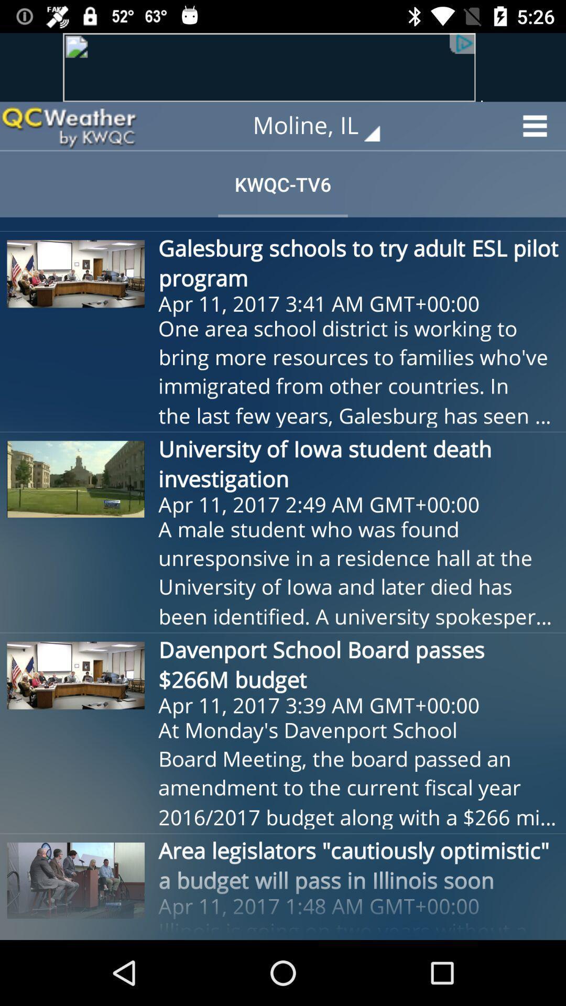 This screenshot has width=566, height=1006. Describe the element at coordinates (69, 126) in the screenshot. I see `icon next to moline, il icon` at that location.